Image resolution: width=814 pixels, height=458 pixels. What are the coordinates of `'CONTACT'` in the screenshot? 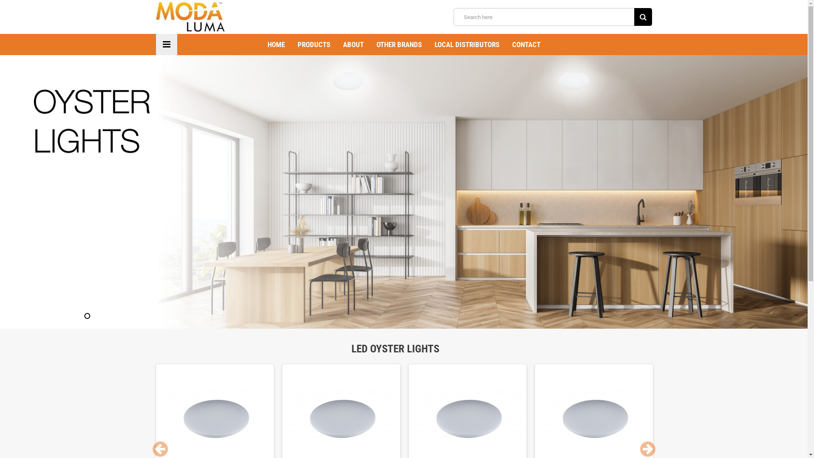 It's located at (525, 44).